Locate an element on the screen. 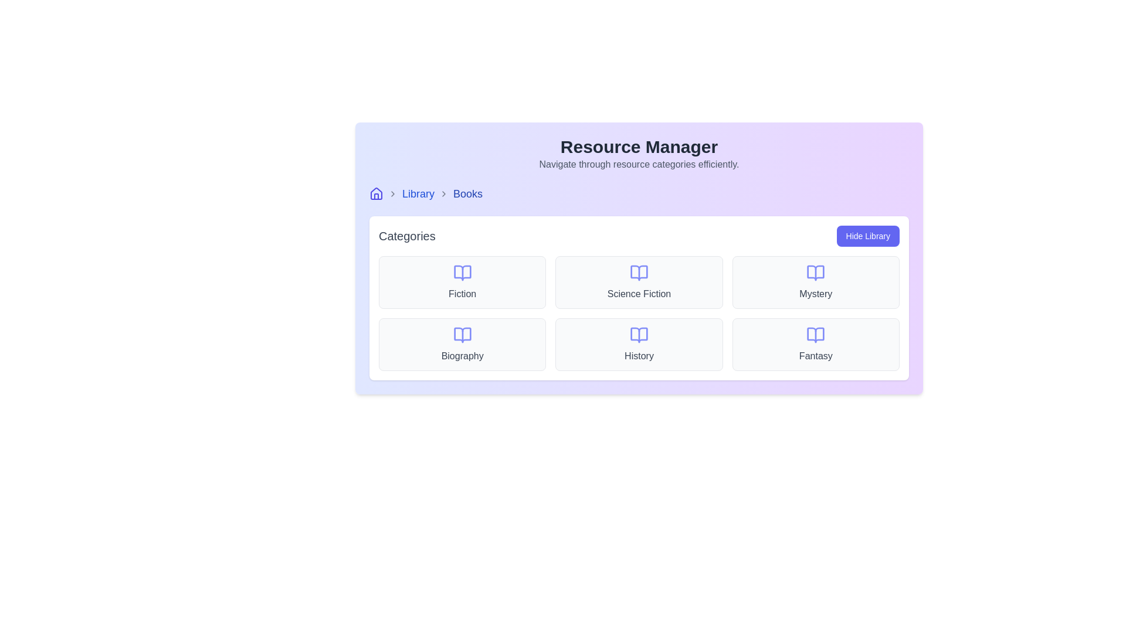 This screenshot has width=1126, height=633. the open book icon with indigo highlights located under the 'Biography' text in the bottom-left area of the 'Categories' section grid is located at coordinates (462, 335).